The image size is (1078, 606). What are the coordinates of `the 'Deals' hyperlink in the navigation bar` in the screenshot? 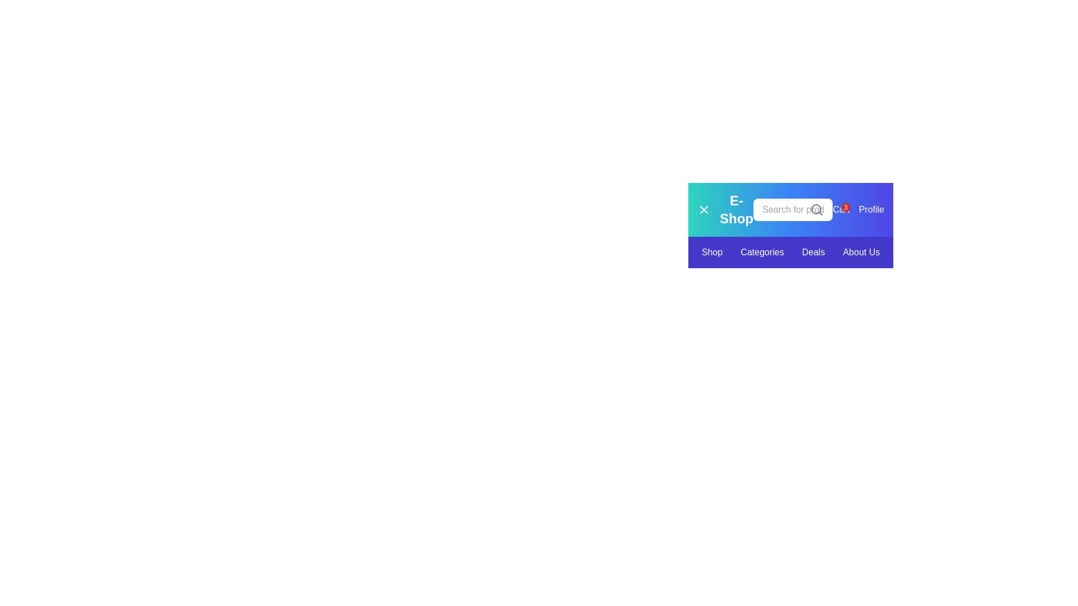 It's located at (814, 251).